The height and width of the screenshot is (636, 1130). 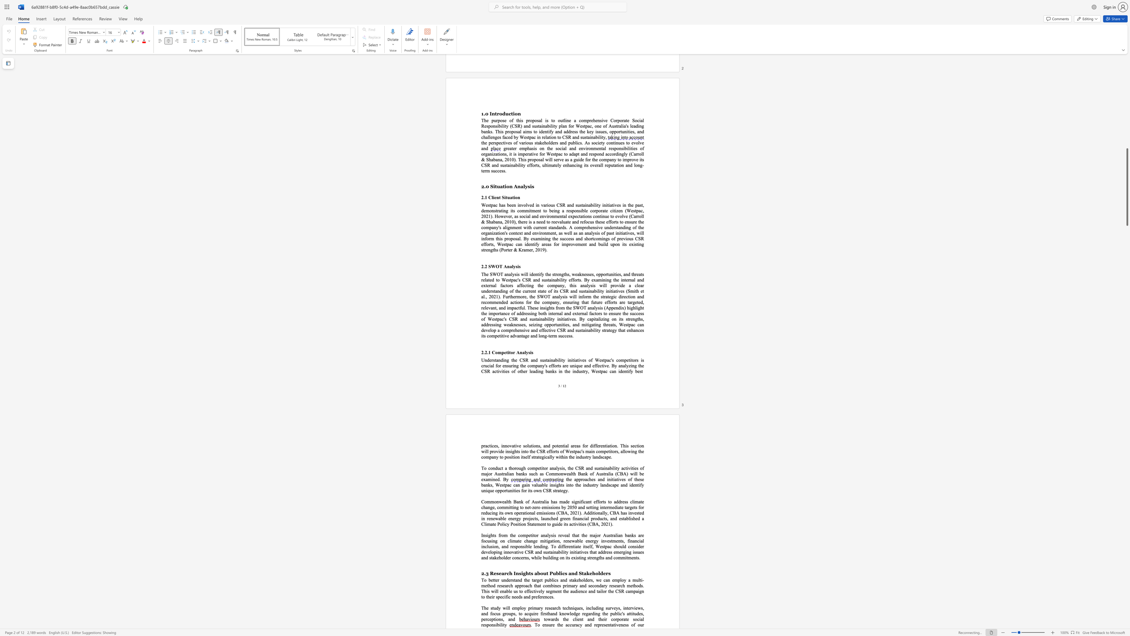 I want to click on the 1th character "b" in the text, so click(x=616, y=613).